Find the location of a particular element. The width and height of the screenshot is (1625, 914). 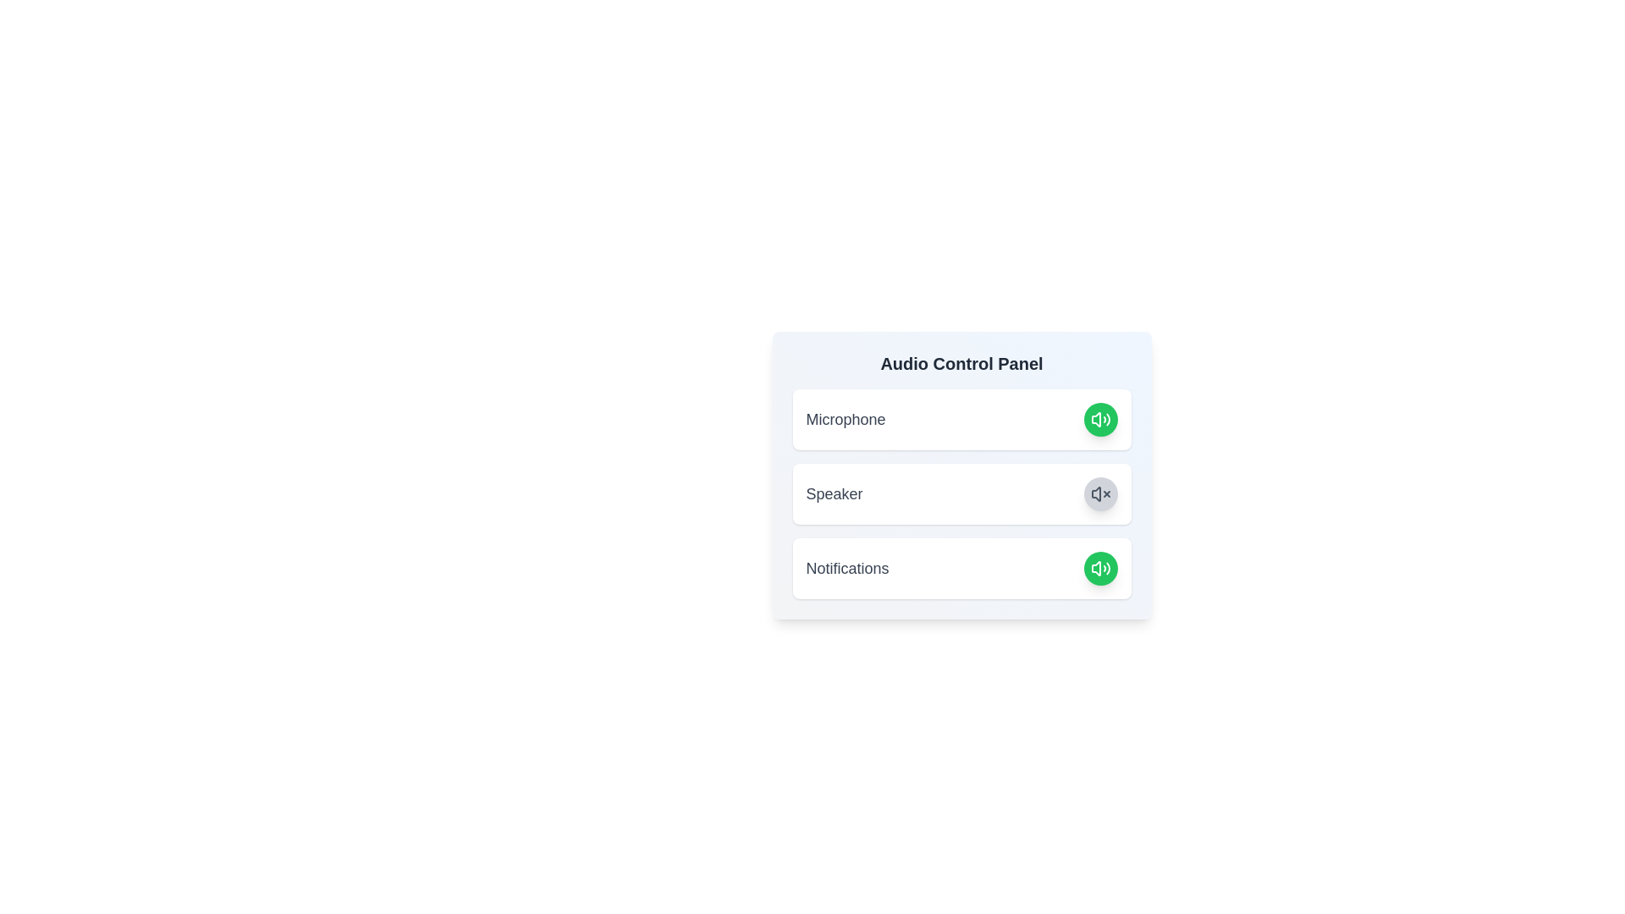

the toggle button to mute or unmute the audio output for the 'Speaker' functionality located in the 'Speaker' section of the 'Audio Control Panel.' is located at coordinates (1100, 493).